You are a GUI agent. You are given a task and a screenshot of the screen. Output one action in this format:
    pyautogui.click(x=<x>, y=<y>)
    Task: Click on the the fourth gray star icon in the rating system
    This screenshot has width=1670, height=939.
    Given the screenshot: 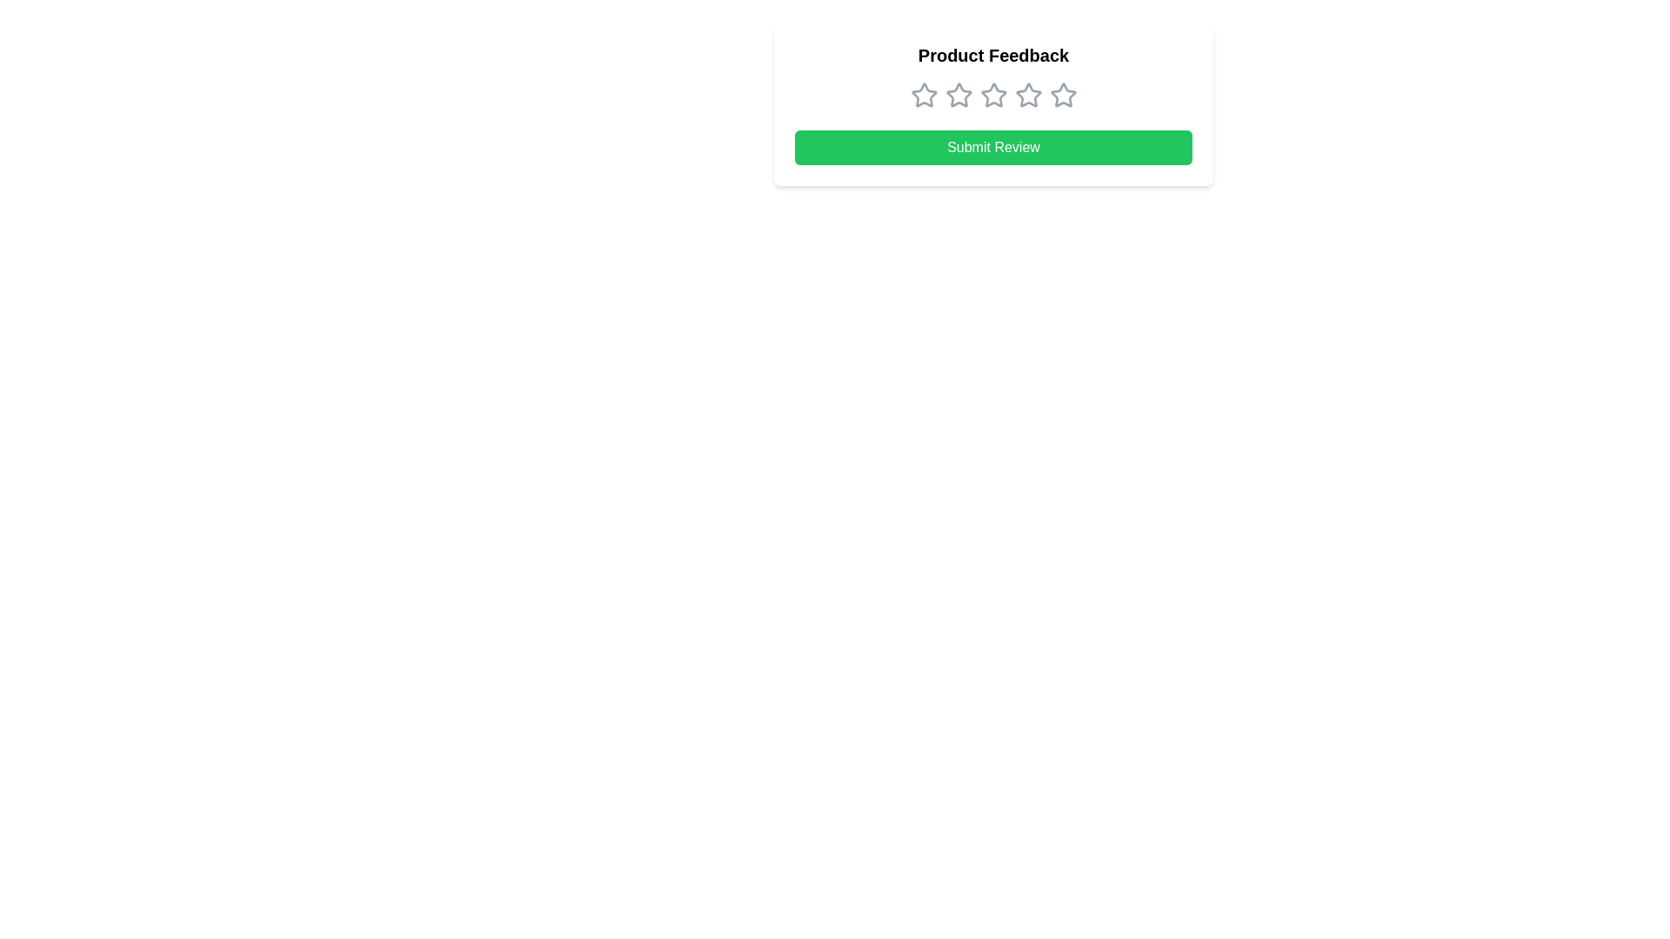 What is the action you would take?
    pyautogui.click(x=1028, y=96)
    